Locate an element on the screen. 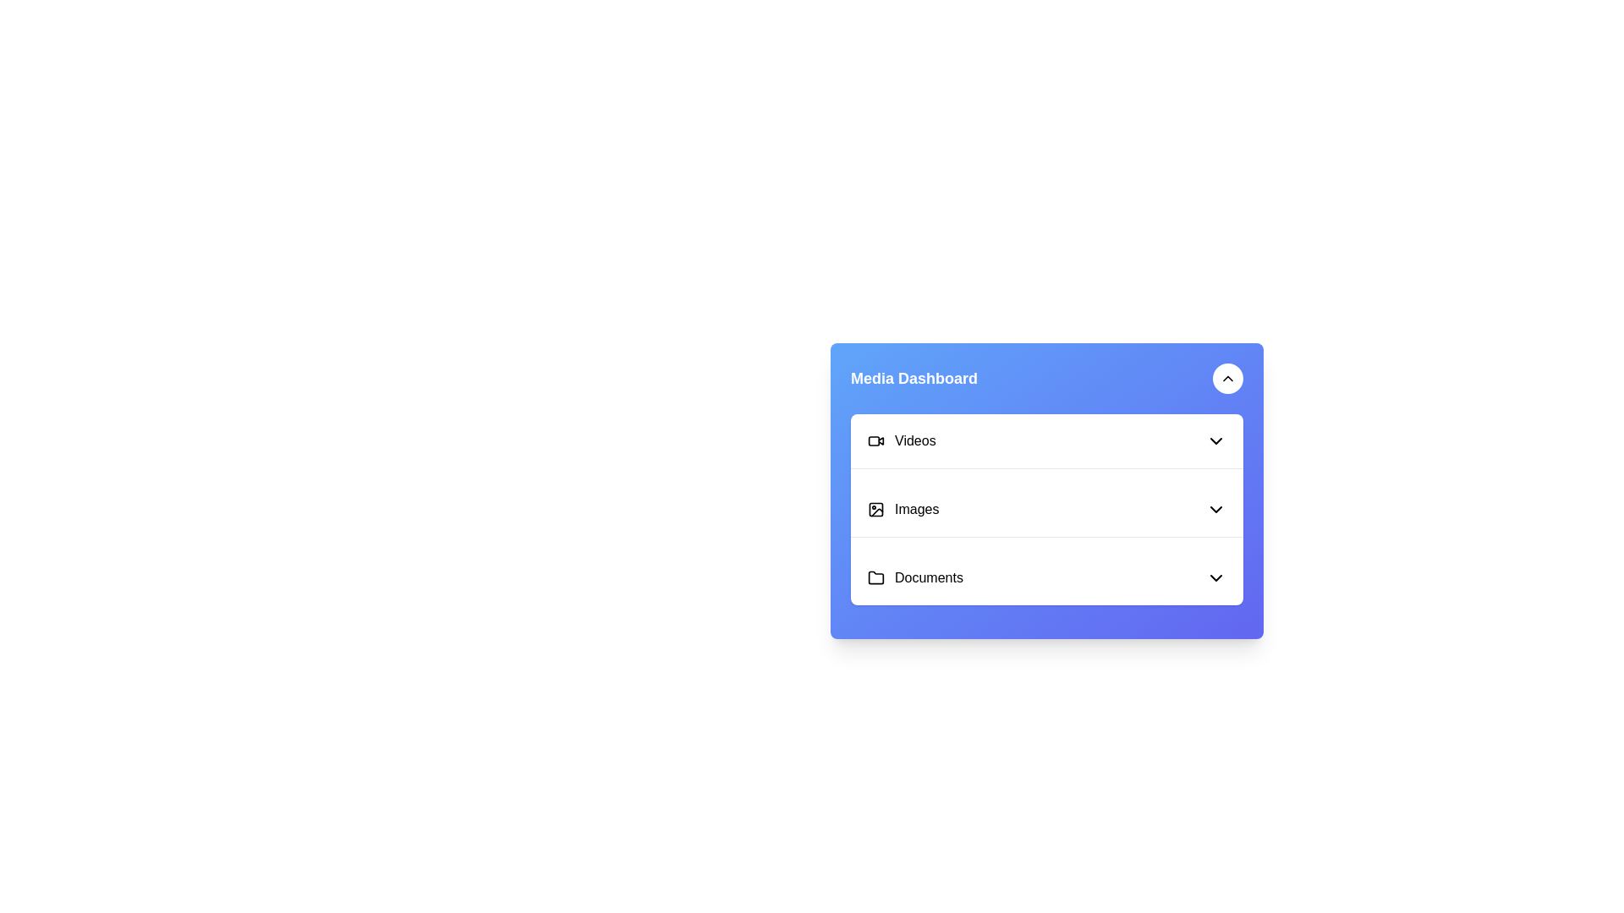 Image resolution: width=1624 pixels, height=913 pixels. the video camera icon located to the left of the 'Videos' label in the media dashboard is located at coordinates (876, 440).